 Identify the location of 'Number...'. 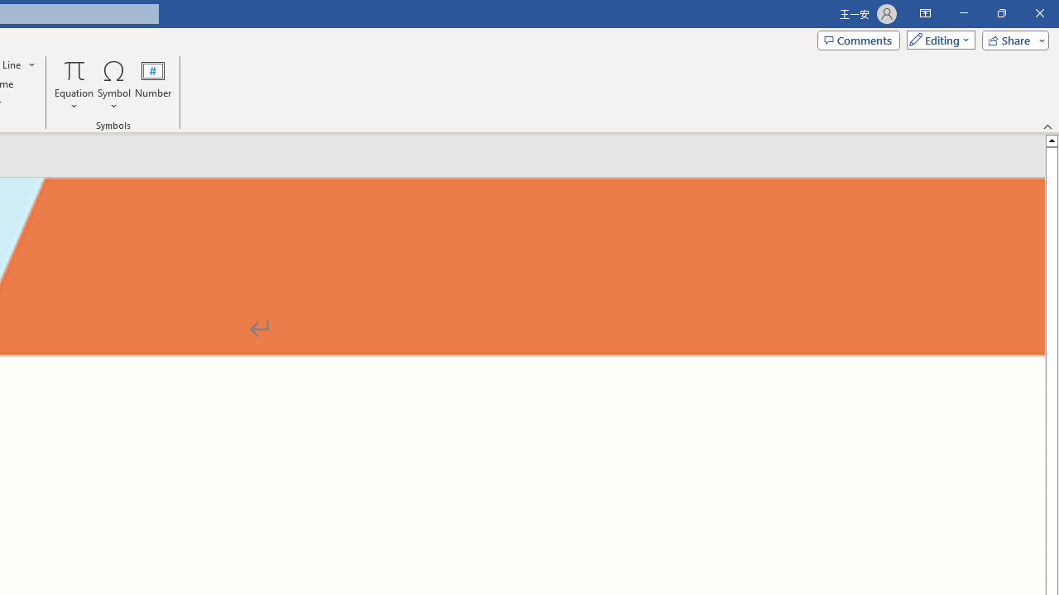
(153, 85).